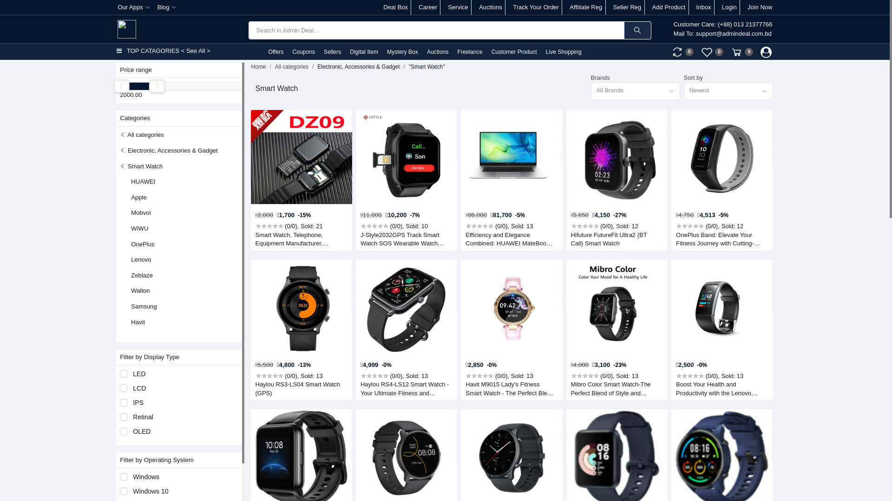 This screenshot has height=501, width=892. I want to click on 'Apple', so click(138, 197).